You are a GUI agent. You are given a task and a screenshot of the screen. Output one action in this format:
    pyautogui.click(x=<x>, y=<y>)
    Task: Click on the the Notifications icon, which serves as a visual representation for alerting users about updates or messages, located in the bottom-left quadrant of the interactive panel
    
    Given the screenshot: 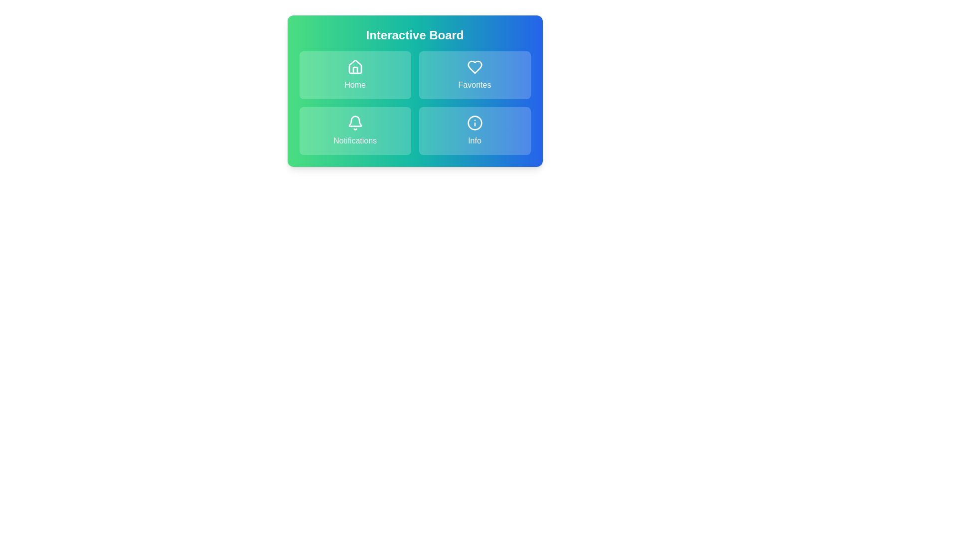 What is the action you would take?
    pyautogui.click(x=355, y=122)
    